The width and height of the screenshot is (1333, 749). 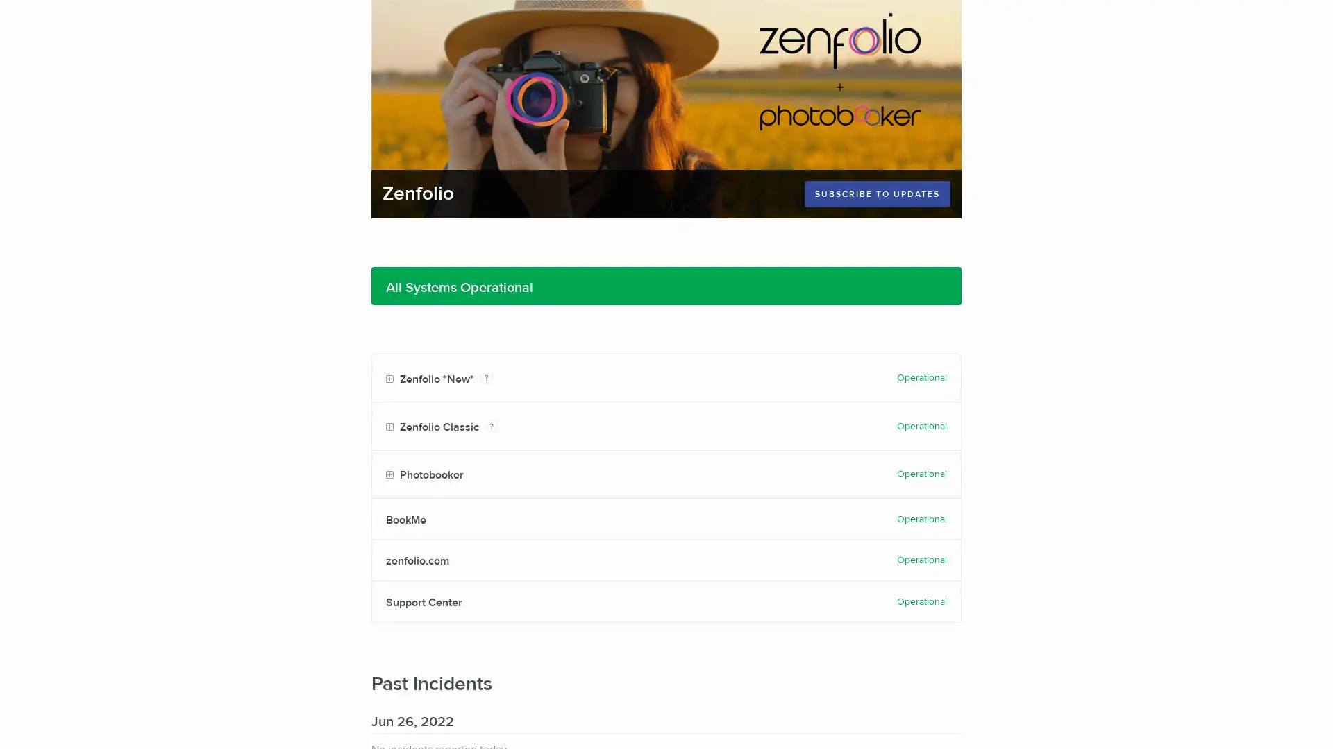 I want to click on Toggle Zenfolio *New*, so click(x=389, y=379).